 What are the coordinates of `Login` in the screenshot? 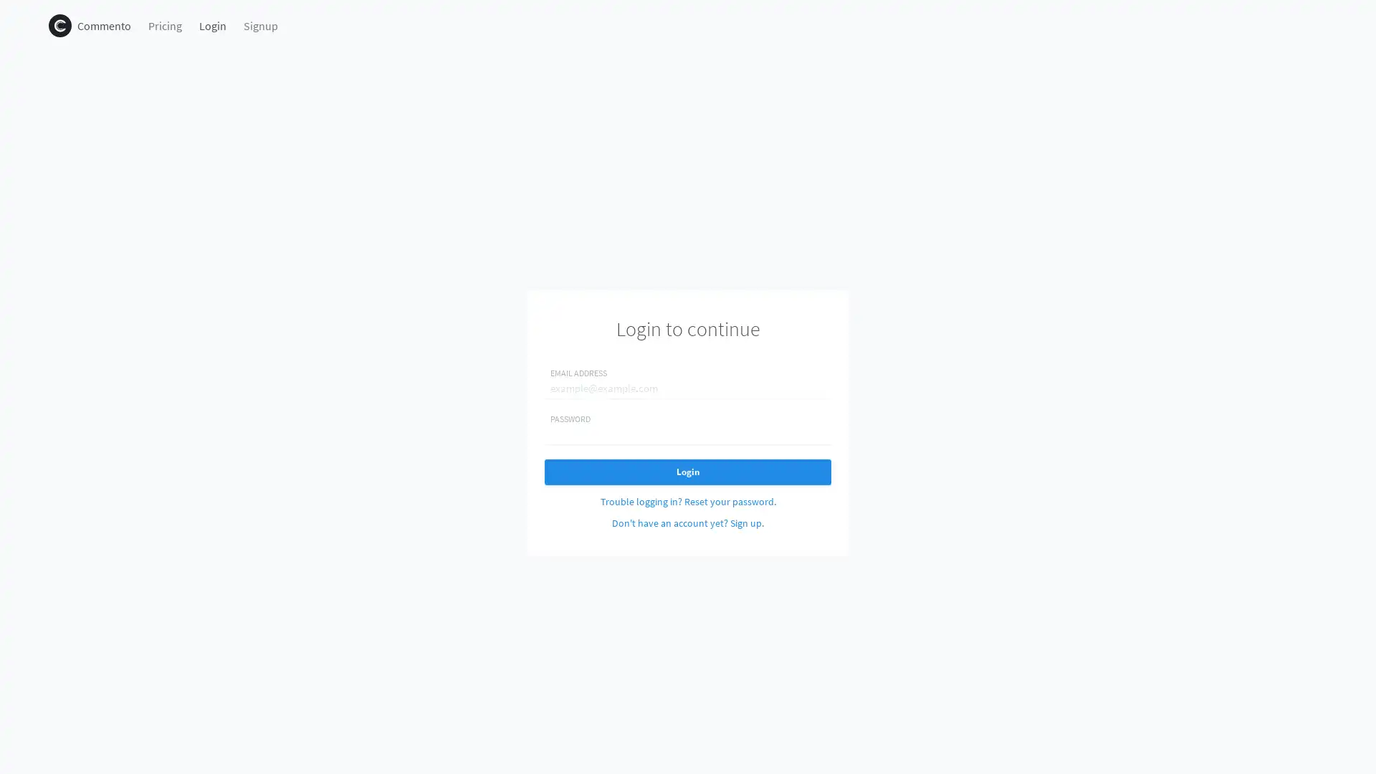 It's located at (688, 472).